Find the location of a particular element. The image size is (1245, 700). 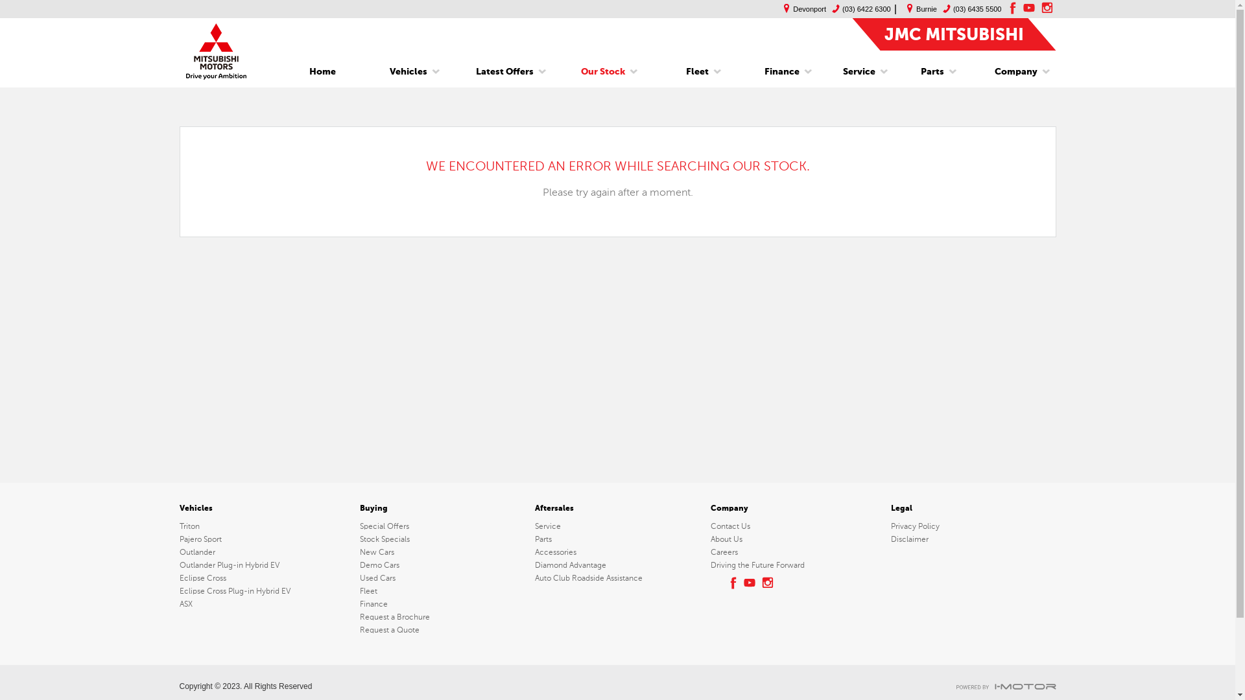

'Home' is located at coordinates (322, 72).